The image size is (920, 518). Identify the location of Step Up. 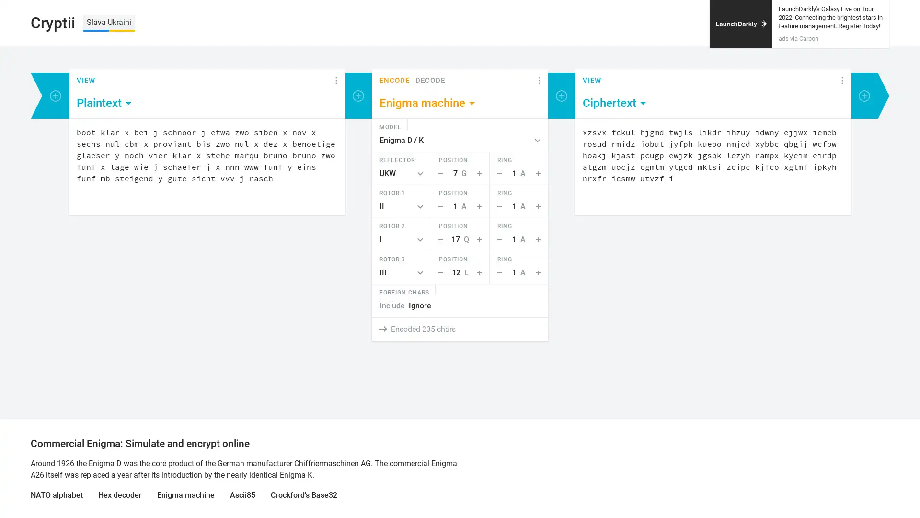
(540, 239).